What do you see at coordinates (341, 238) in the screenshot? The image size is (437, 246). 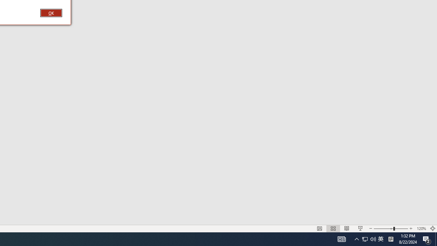 I see `'AutomationID: 4105'` at bounding box center [341, 238].